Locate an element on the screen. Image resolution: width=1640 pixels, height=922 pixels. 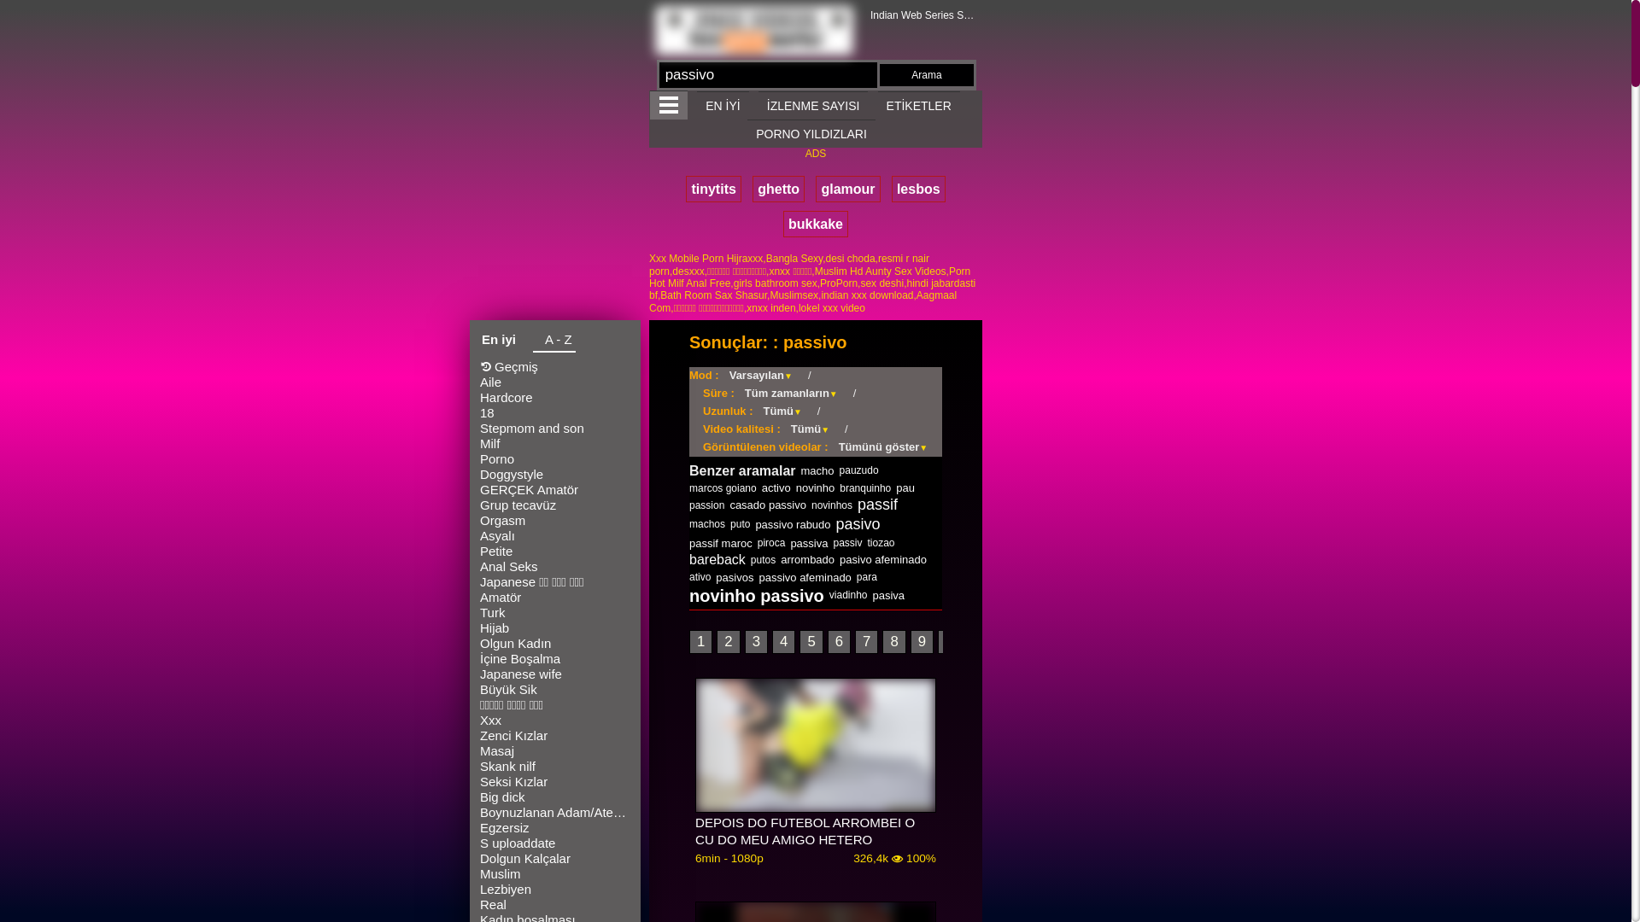
'Masaj' is located at coordinates (554, 750).